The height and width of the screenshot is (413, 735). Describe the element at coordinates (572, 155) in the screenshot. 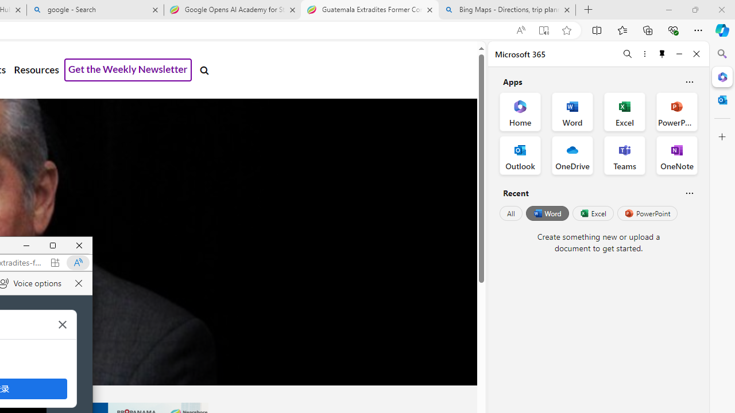

I see `'OneDrive Office App'` at that location.